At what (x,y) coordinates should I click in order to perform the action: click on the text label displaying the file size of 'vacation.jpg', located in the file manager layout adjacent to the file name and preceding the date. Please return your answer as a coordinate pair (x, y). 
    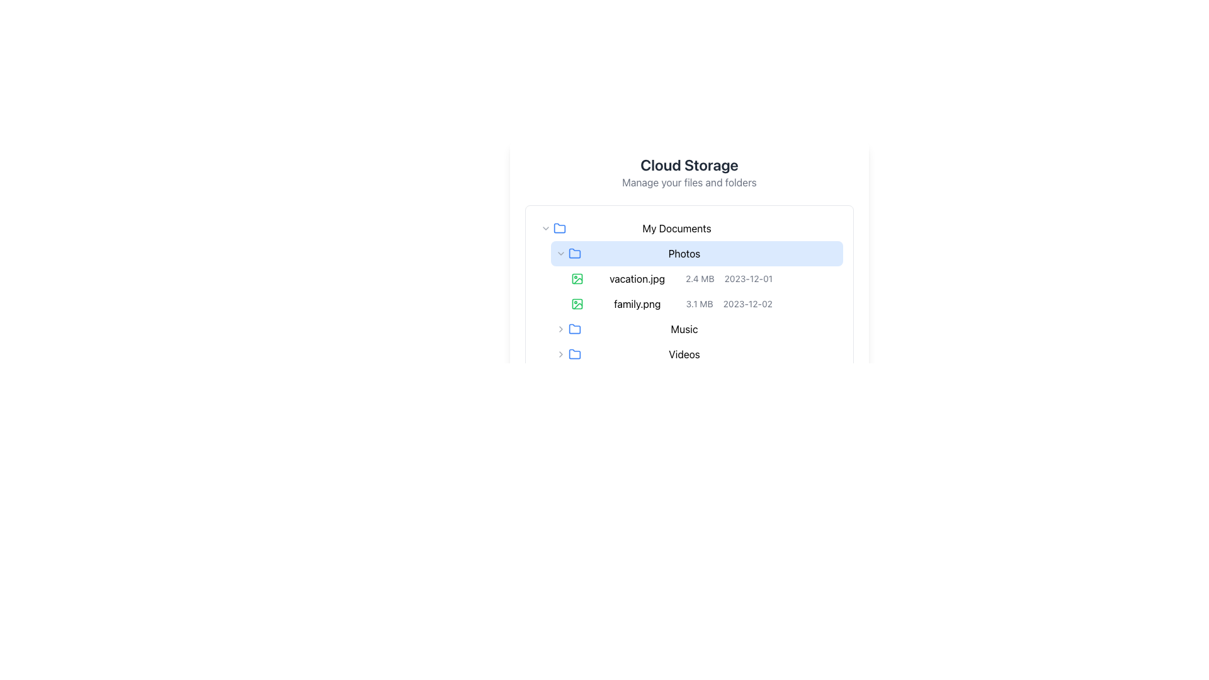
    Looking at the image, I should click on (699, 278).